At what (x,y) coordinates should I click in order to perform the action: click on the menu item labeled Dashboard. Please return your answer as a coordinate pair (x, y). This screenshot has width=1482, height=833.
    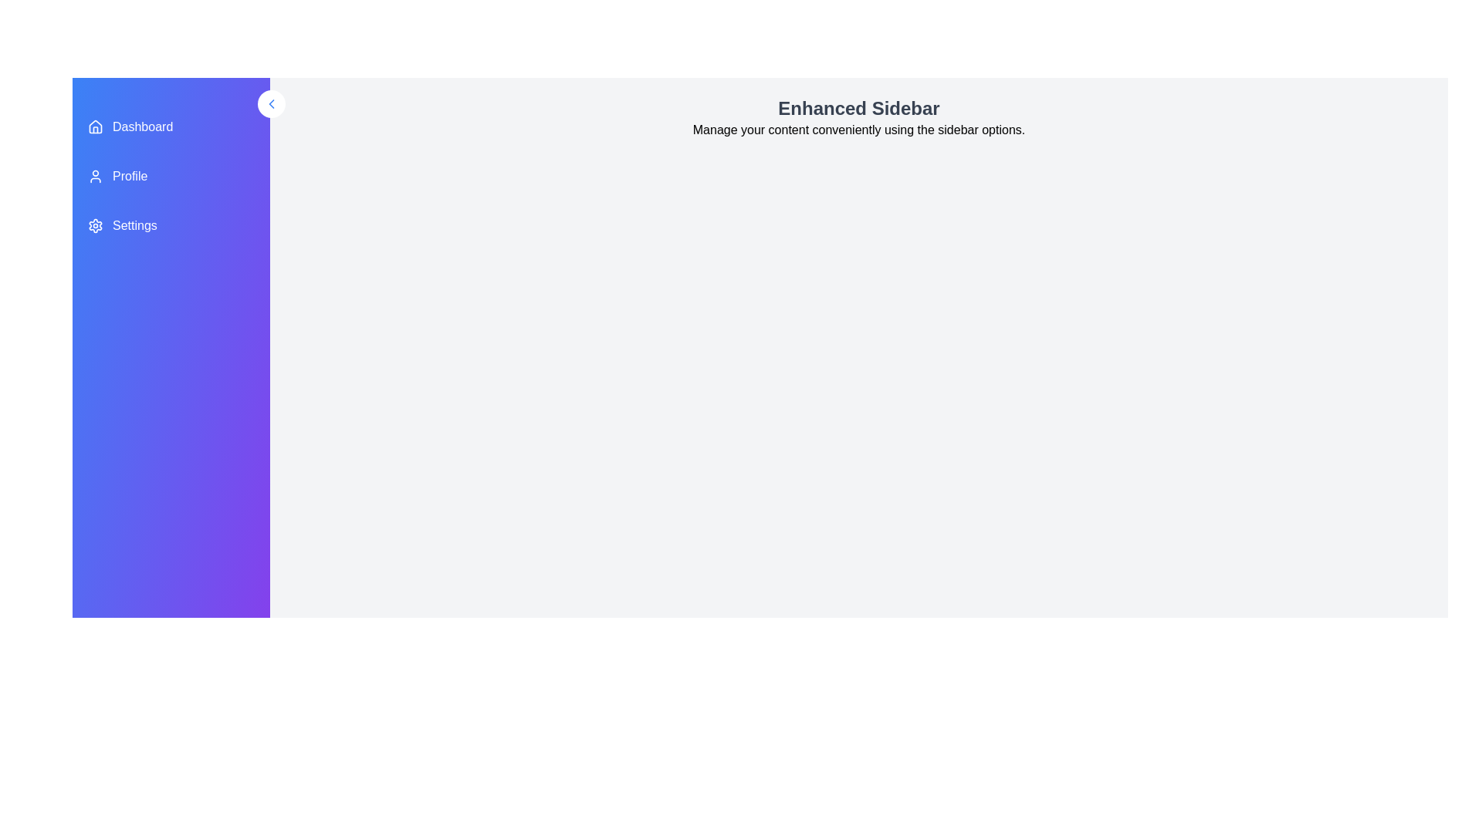
    Looking at the image, I should click on (171, 126).